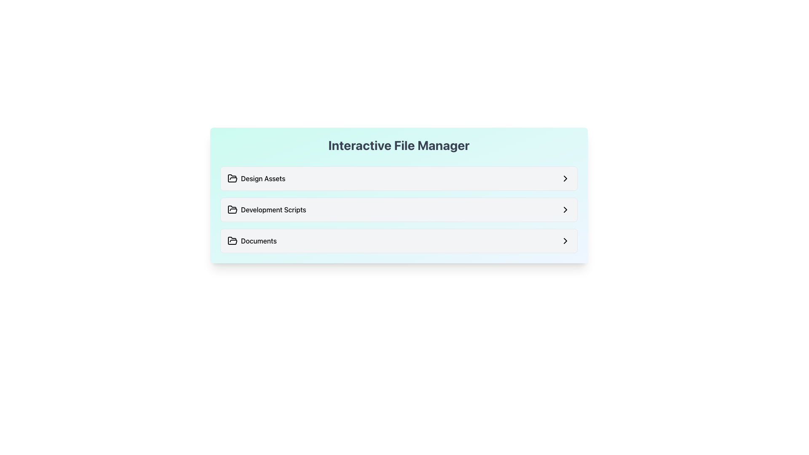 This screenshot has width=809, height=455. I want to click on the 'Development Scripts' text label, which is the second row in a vertical list of foldered options, located below 'Design Assets' and above 'Documents', so click(266, 209).